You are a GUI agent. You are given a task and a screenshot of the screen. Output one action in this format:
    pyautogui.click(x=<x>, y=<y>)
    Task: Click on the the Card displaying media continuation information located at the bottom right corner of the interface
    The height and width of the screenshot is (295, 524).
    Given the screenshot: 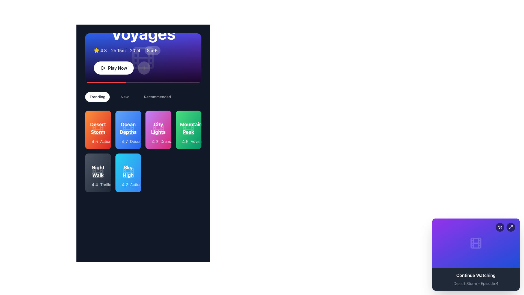 What is the action you would take?
    pyautogui.click(x=475, y=255)
    